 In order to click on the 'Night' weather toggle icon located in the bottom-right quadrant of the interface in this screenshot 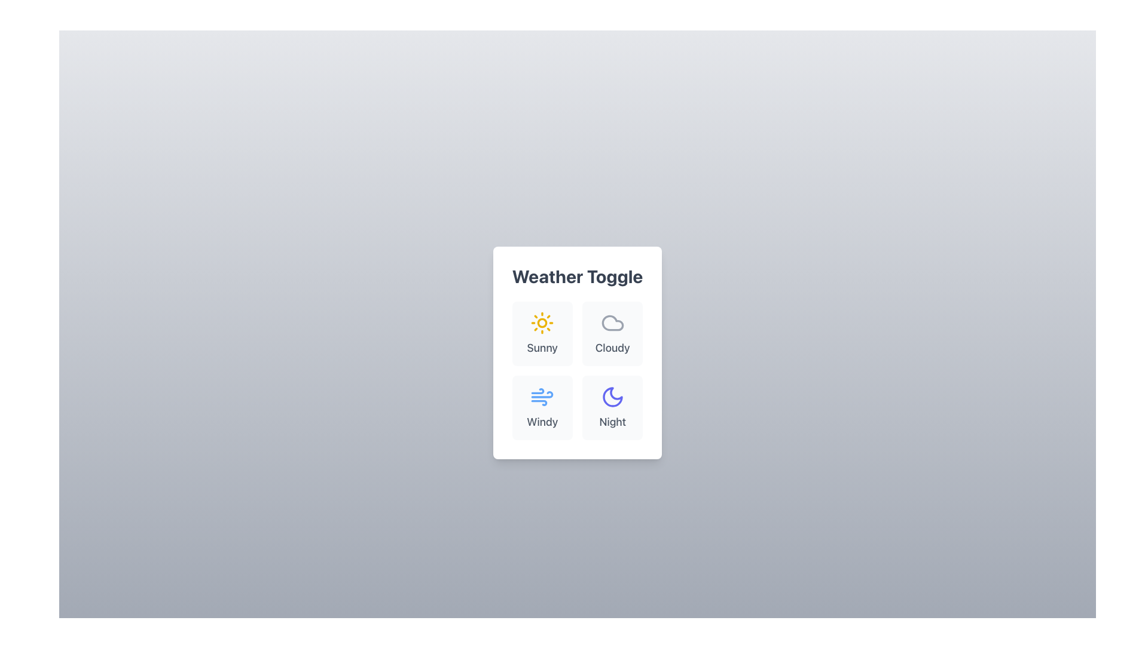, I will do `click(612, 397)`.